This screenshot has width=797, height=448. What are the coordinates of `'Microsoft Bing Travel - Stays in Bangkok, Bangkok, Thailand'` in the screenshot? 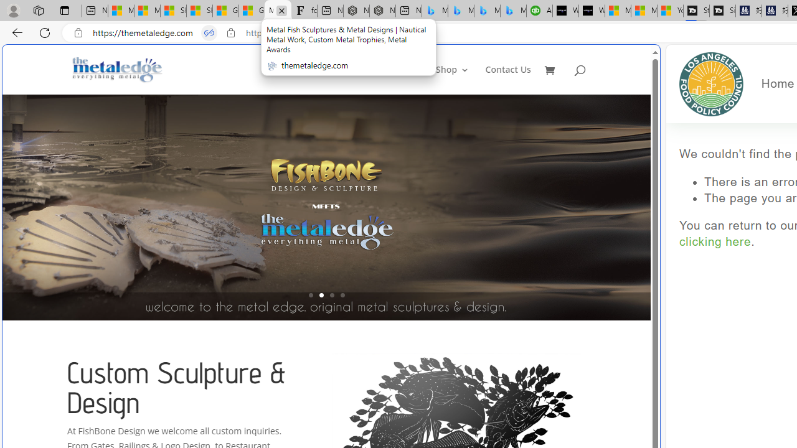 It's located at (460, 11).